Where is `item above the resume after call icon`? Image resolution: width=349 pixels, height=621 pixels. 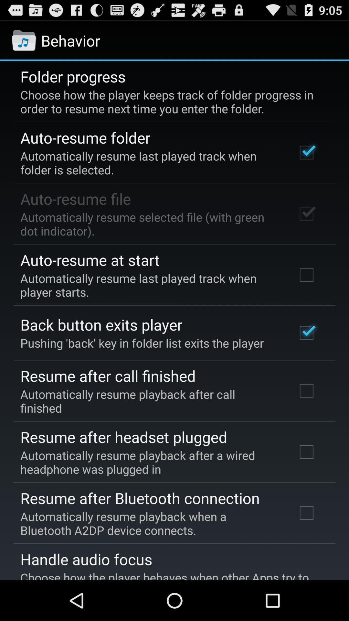
item above the resume after call icon is located at coordinates (142, 343).